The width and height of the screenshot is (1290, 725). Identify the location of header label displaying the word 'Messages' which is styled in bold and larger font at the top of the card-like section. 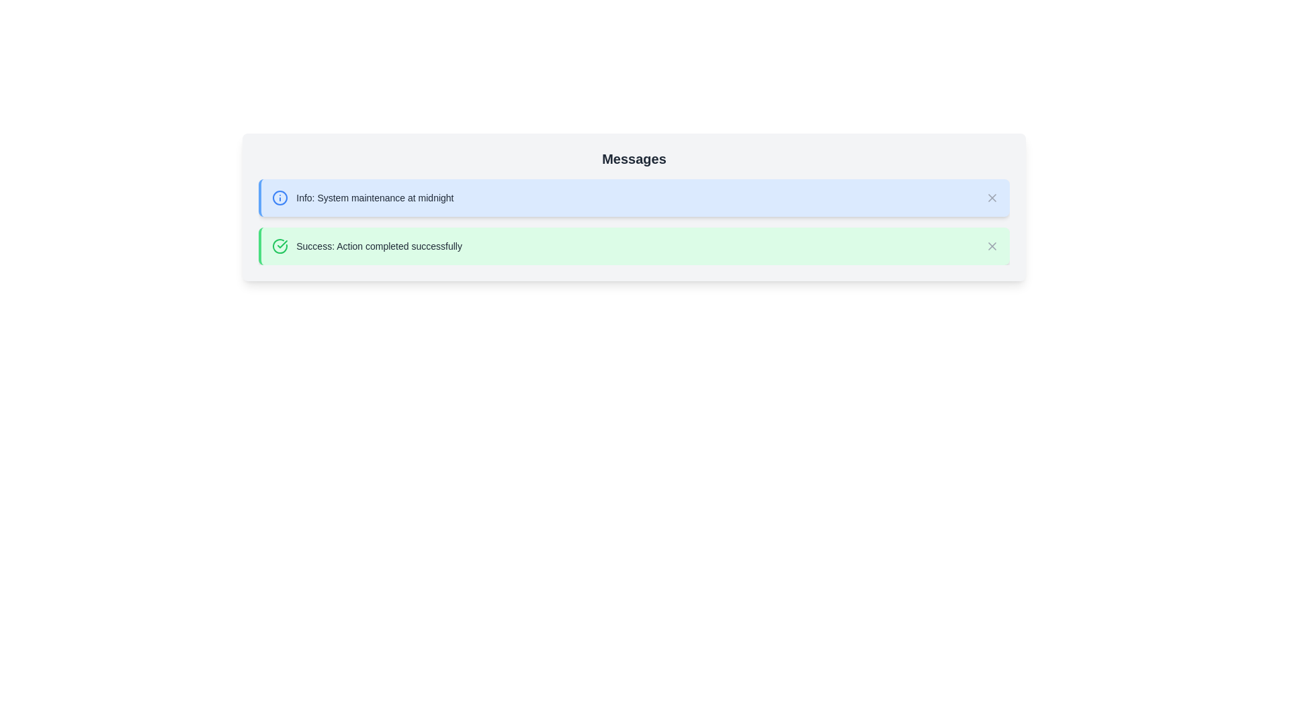
(634, 158).